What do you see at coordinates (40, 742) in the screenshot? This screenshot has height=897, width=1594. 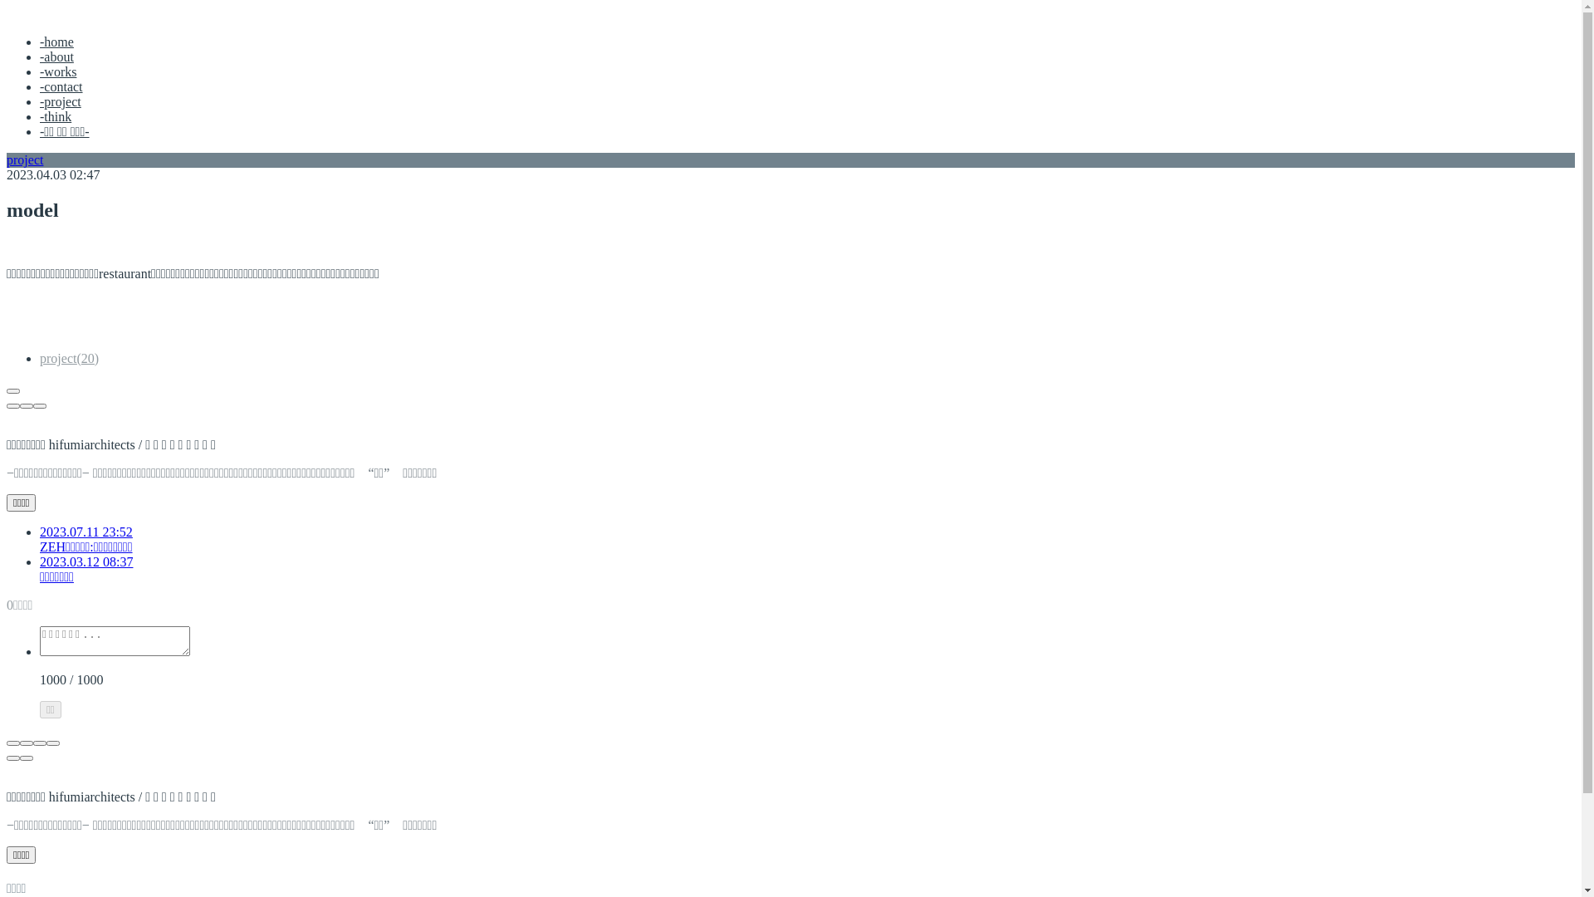 I see `'Toggle fullscreen'` at bounding box center [40, 742].